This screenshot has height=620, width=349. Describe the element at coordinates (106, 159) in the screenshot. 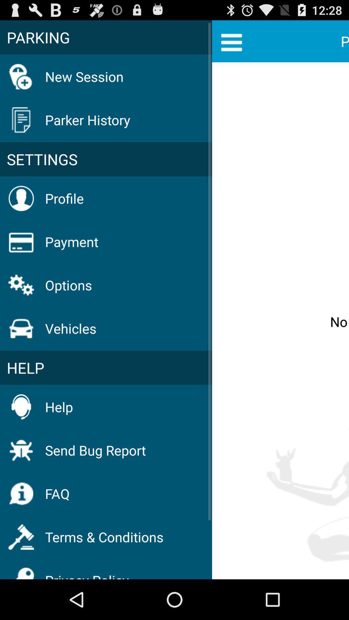

I see `icon to the left of no parking history item` at that location.